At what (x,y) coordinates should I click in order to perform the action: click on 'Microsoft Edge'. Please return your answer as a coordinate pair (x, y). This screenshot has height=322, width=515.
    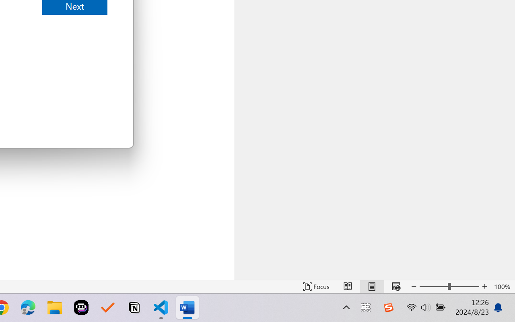
    Looking at the image, I should click on (28, 308).